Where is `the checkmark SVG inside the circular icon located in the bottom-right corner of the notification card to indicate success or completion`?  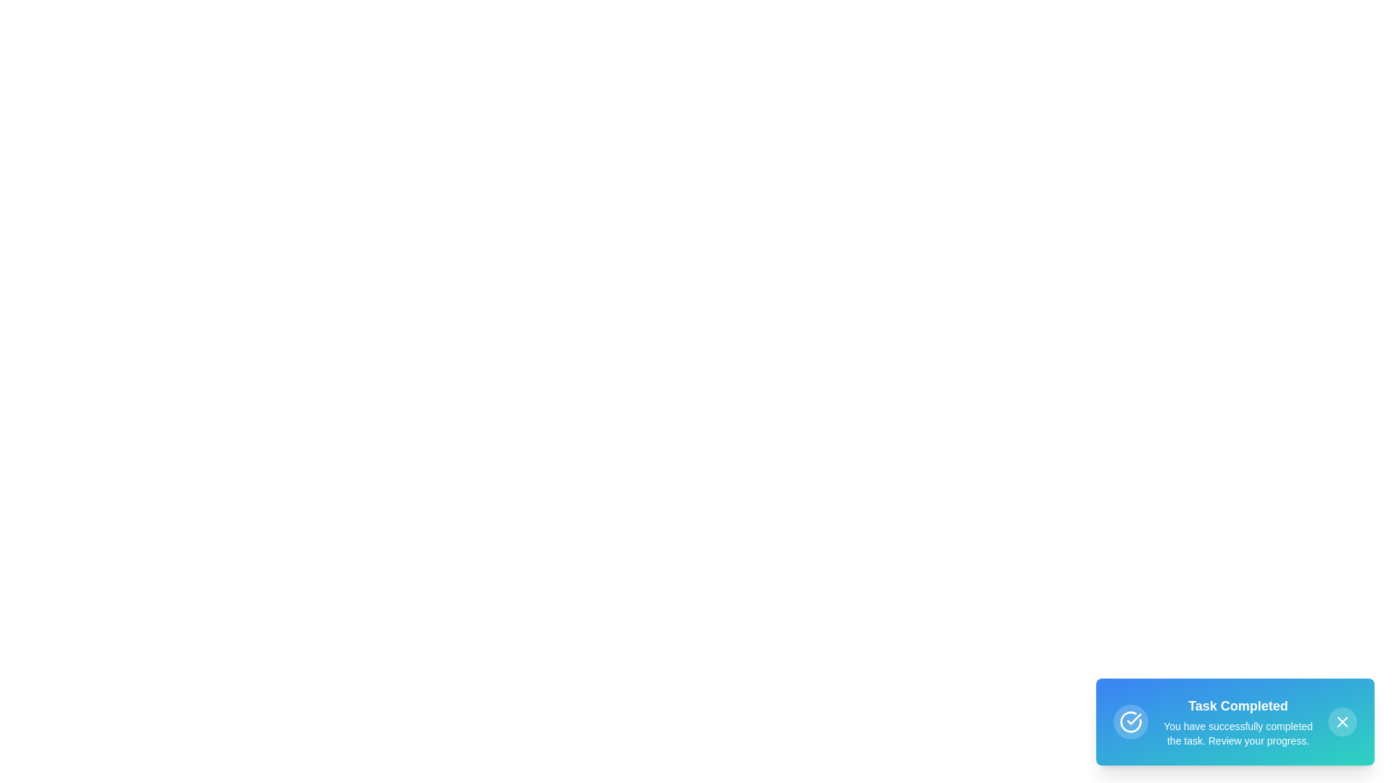 the checkmark SVG inside the circular icon located in the bottom-right corner of the notification card to indicate success or completion is located at coordinates (1133, 718).